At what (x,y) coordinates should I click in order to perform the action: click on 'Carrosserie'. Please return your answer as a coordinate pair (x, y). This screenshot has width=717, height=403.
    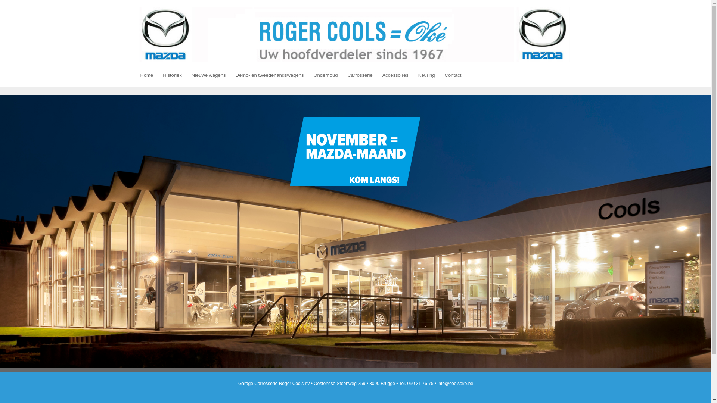
    Looking at the image, I should click on (342, 75).